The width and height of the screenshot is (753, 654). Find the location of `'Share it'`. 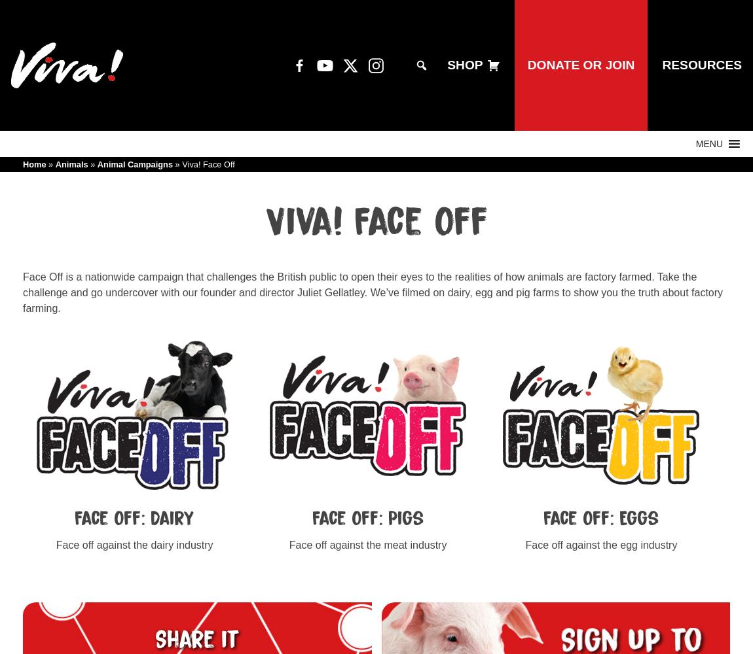

'Share it' is located at coordinates (196, 639).